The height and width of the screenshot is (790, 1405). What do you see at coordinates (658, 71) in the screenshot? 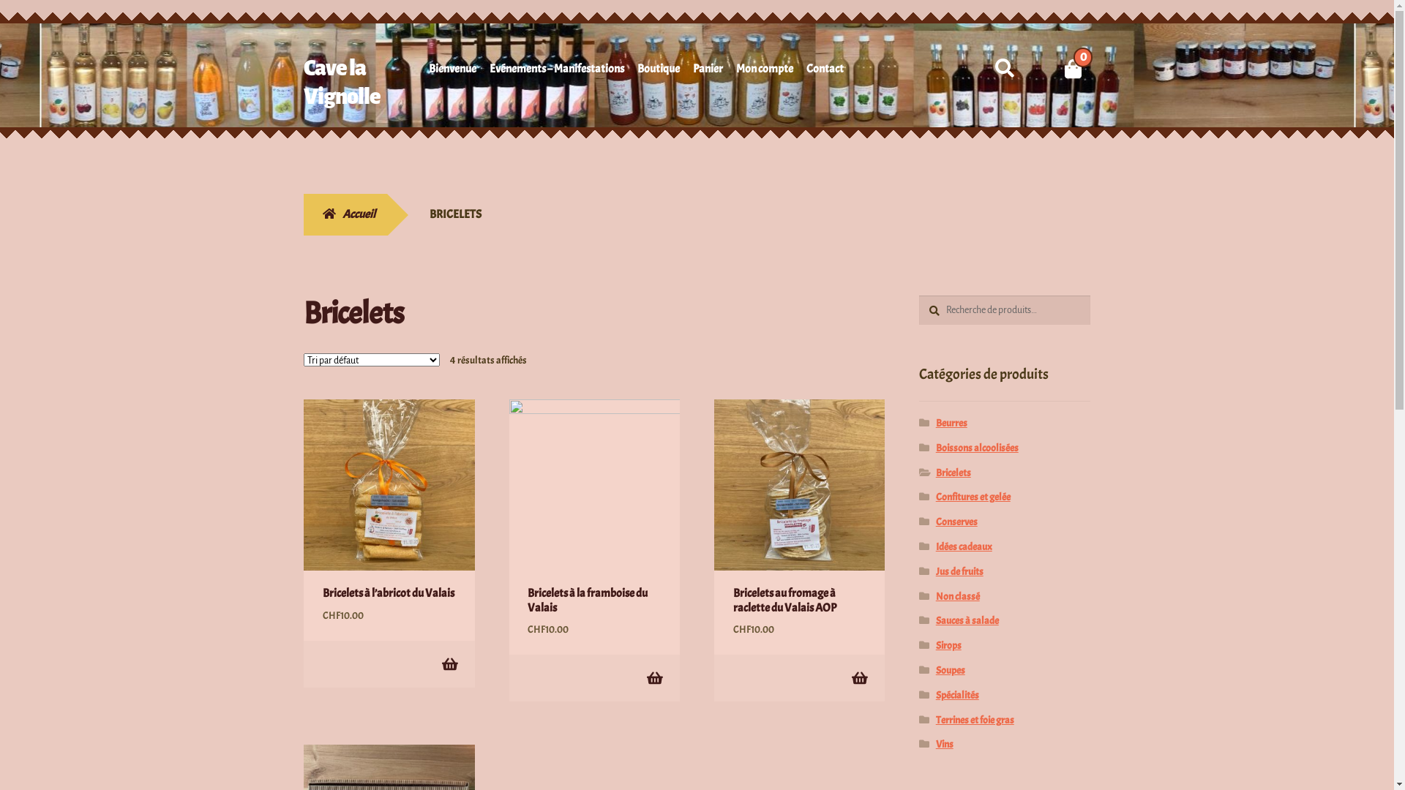
I see `'Boutique'` at bounding box center [658, 71].